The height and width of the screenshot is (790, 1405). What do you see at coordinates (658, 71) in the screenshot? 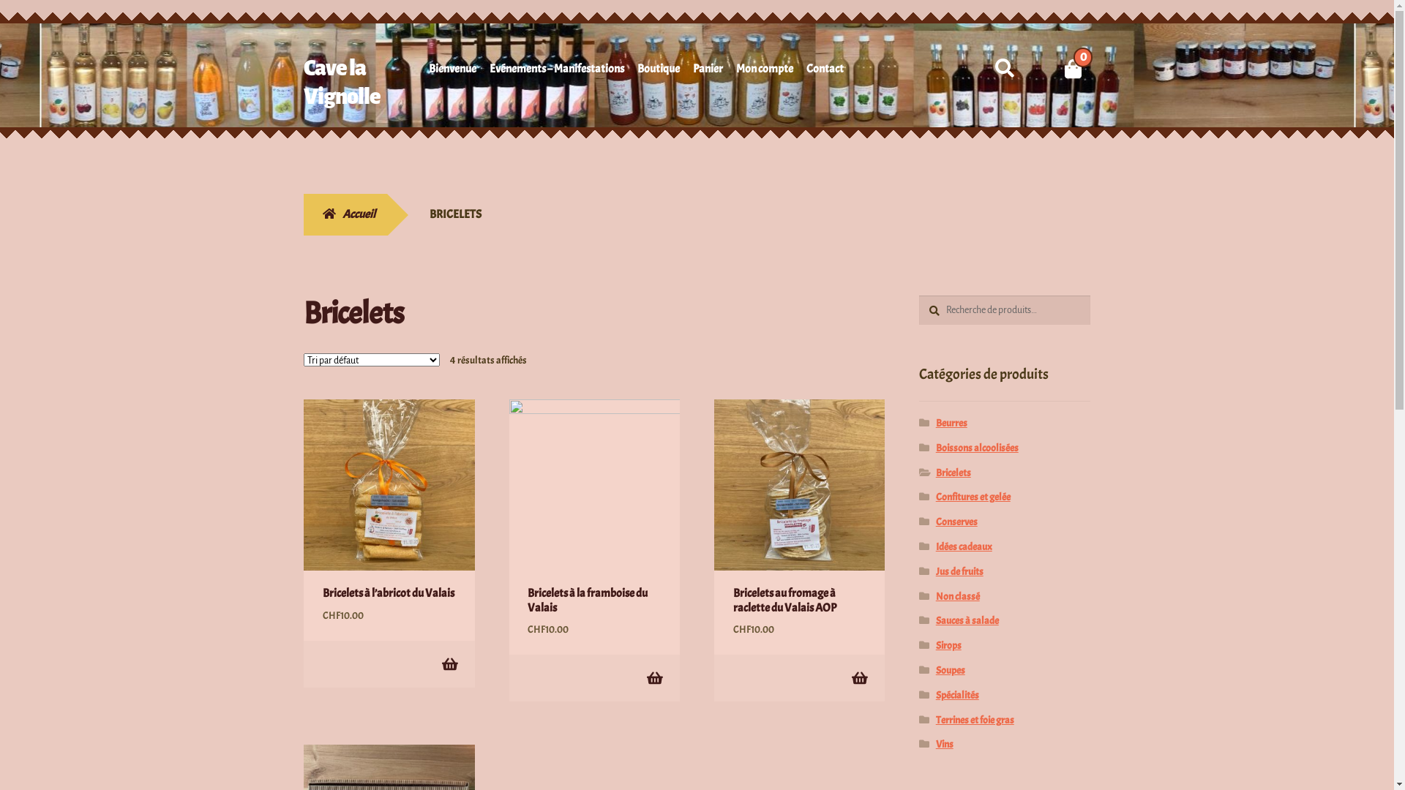
I see `'Boutique'` at bounding box center [658, 71].